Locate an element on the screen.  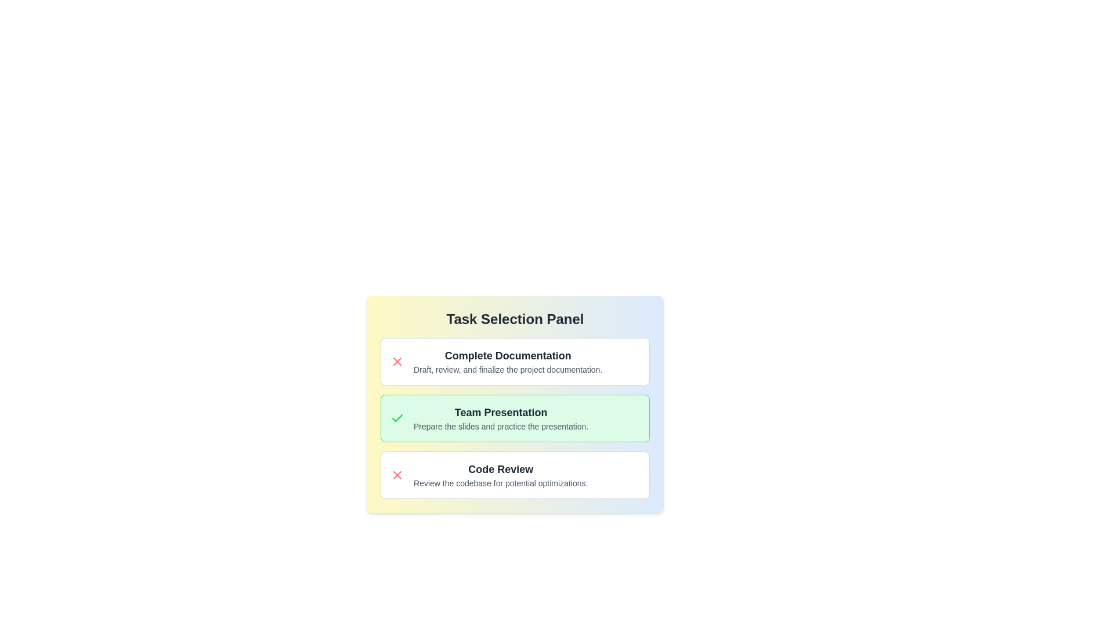
the List item card labeled 'Team Presentation' is located at coordinates (515, 404).